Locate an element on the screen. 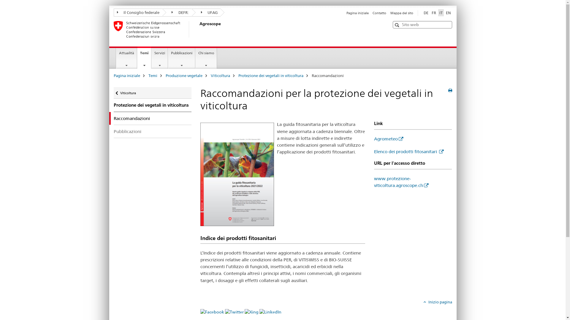 This screenshot has width=570, height=320. 'Inizio pagina' is located at coordinates (437, 302).